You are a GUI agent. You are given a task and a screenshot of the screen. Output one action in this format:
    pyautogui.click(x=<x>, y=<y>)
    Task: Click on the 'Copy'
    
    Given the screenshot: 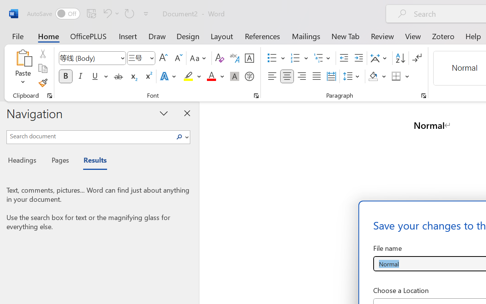 What is the action you would take?
    pyautogui.click(x=42, y=68)
    